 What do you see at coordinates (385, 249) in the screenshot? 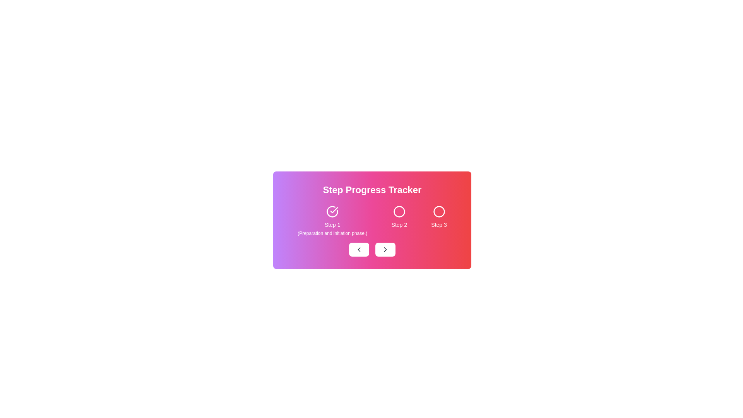
I see `the navigation button with a white background and a right-facing chevron icon to observe its hover effects` at bounding box center [385, 249].